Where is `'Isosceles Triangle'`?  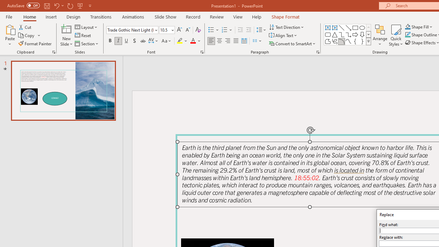 'Isosceles Triangle' is located at coordinates (335, 34).